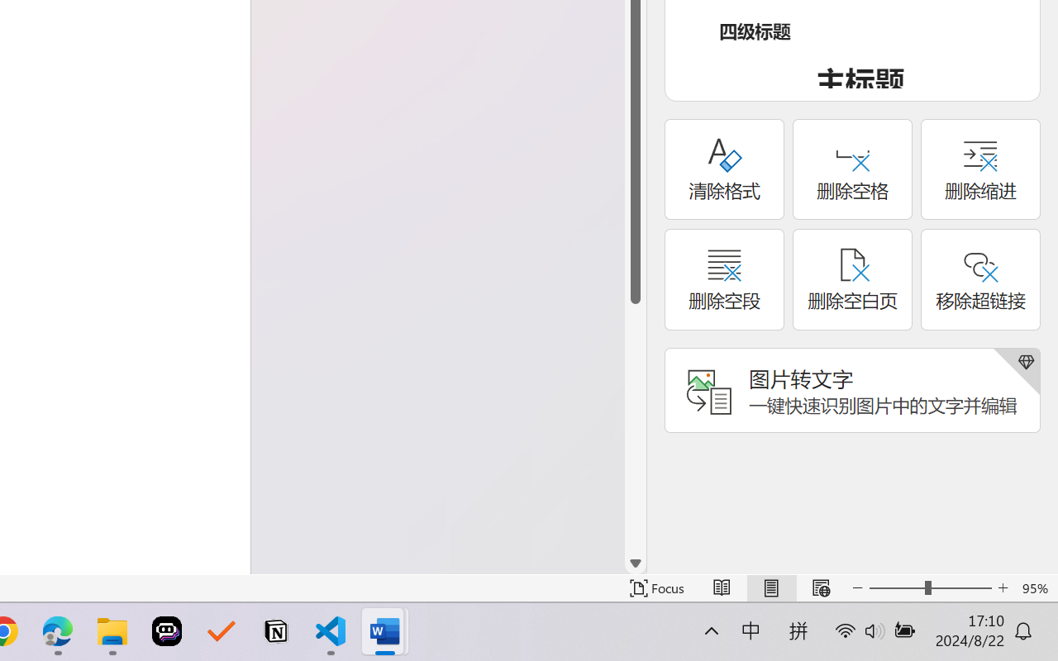  I want to click on 'Zoom 95%', so click(1035, 587).